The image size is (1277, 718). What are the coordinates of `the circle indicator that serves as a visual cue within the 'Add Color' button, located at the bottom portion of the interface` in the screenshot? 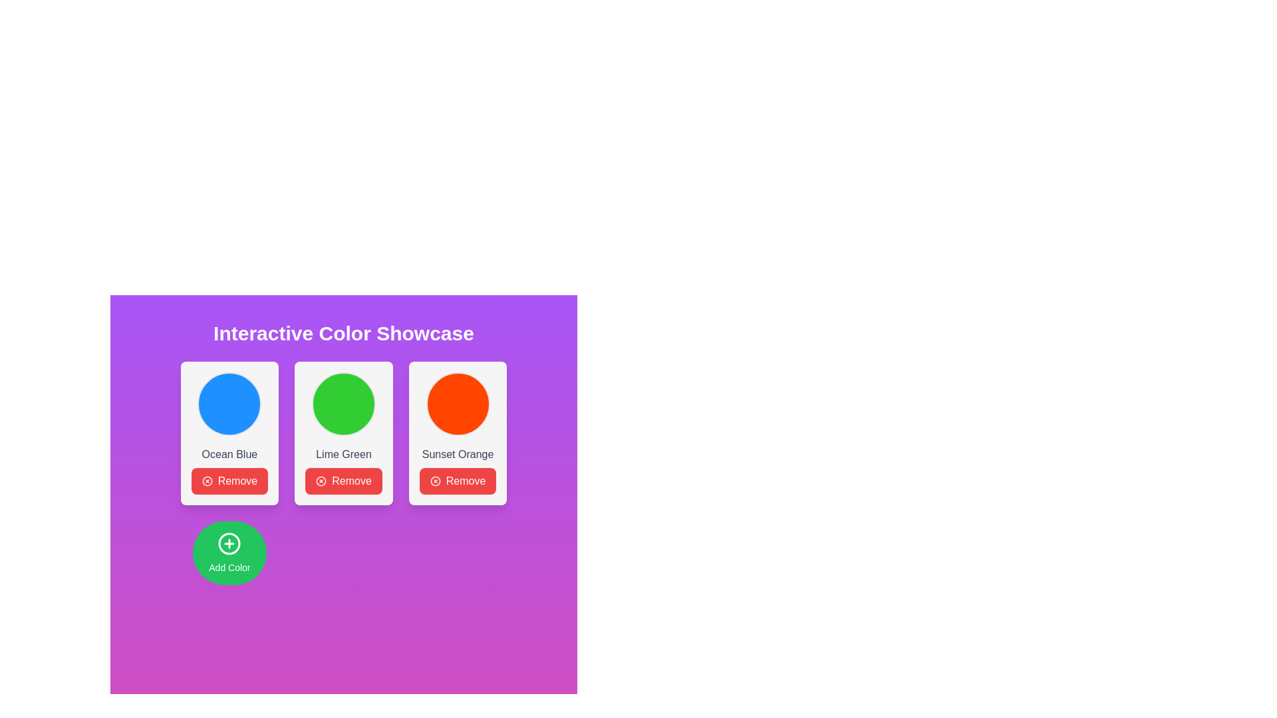 It's located at (229, 543).